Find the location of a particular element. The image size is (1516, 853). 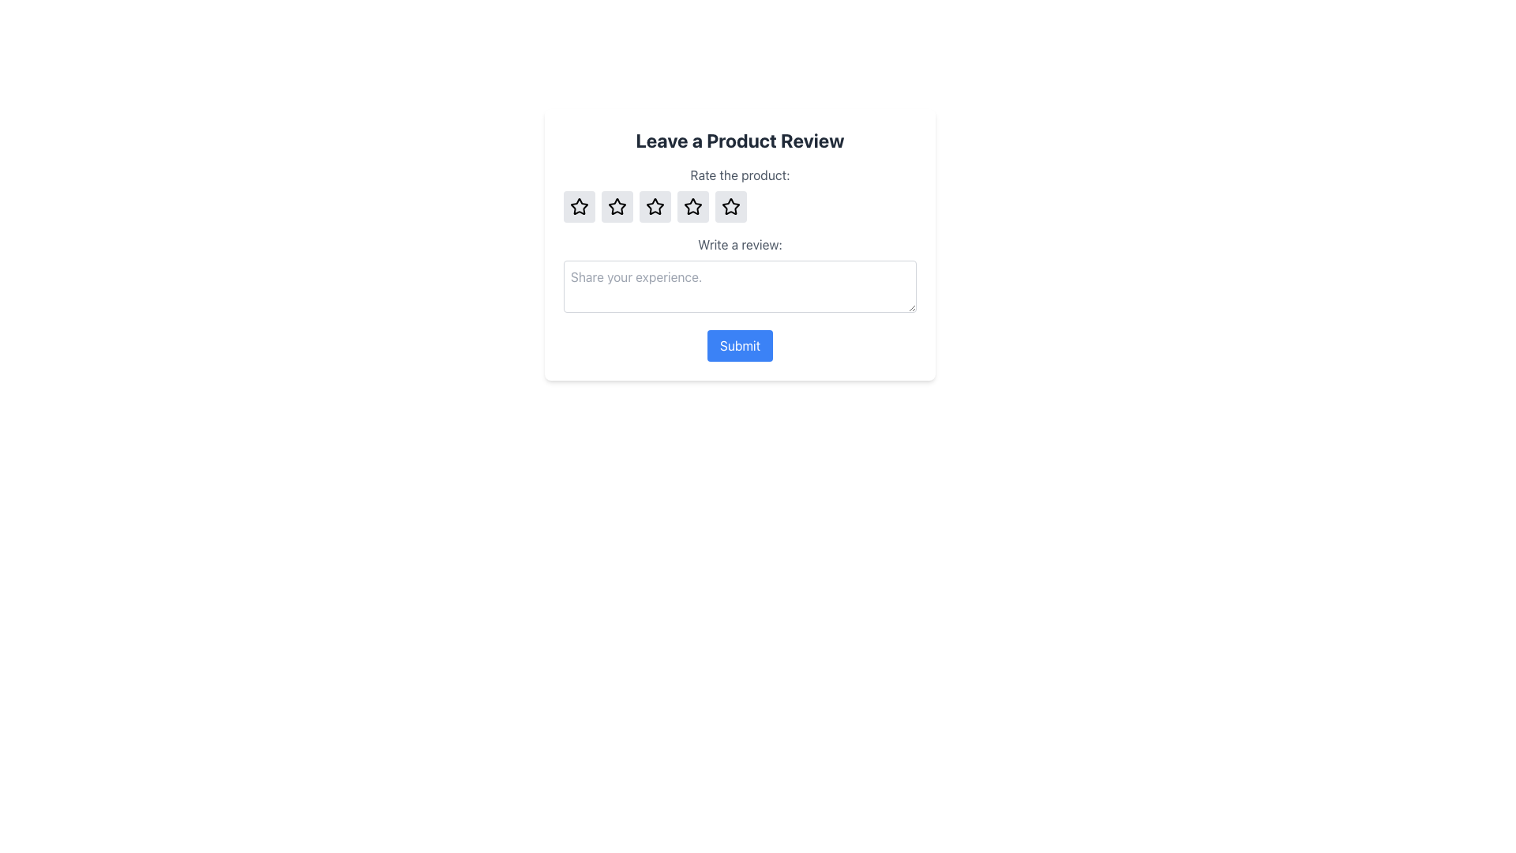

the fourth star rating icon, which is styled as an outlined star with a light gray background is located at coordinates (693, 206).